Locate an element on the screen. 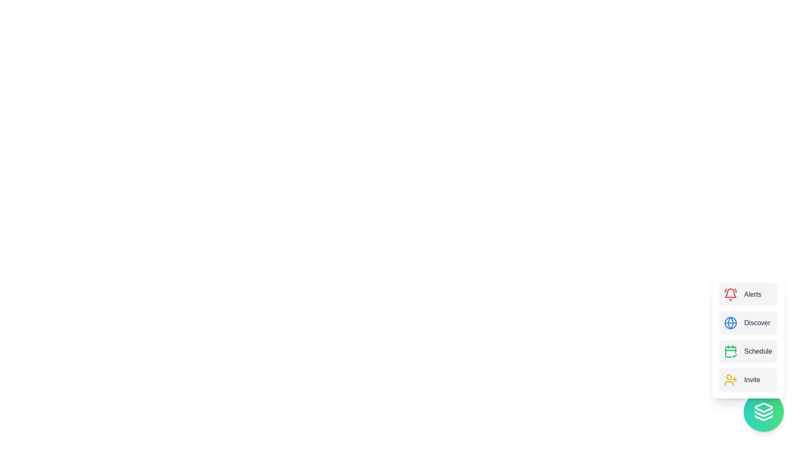  the 'Schedule' button in the menu is located at coordinates (748, 352).